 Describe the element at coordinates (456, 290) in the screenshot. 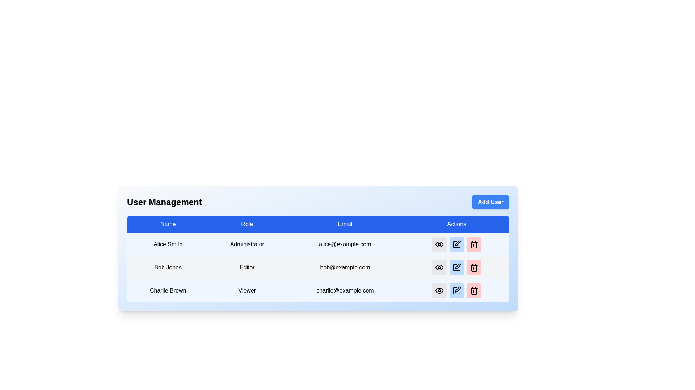

I see `the second button from the left in the 'Actions' column of the row for user 'Charlie Brown' in the 'User Management' table` at that location.